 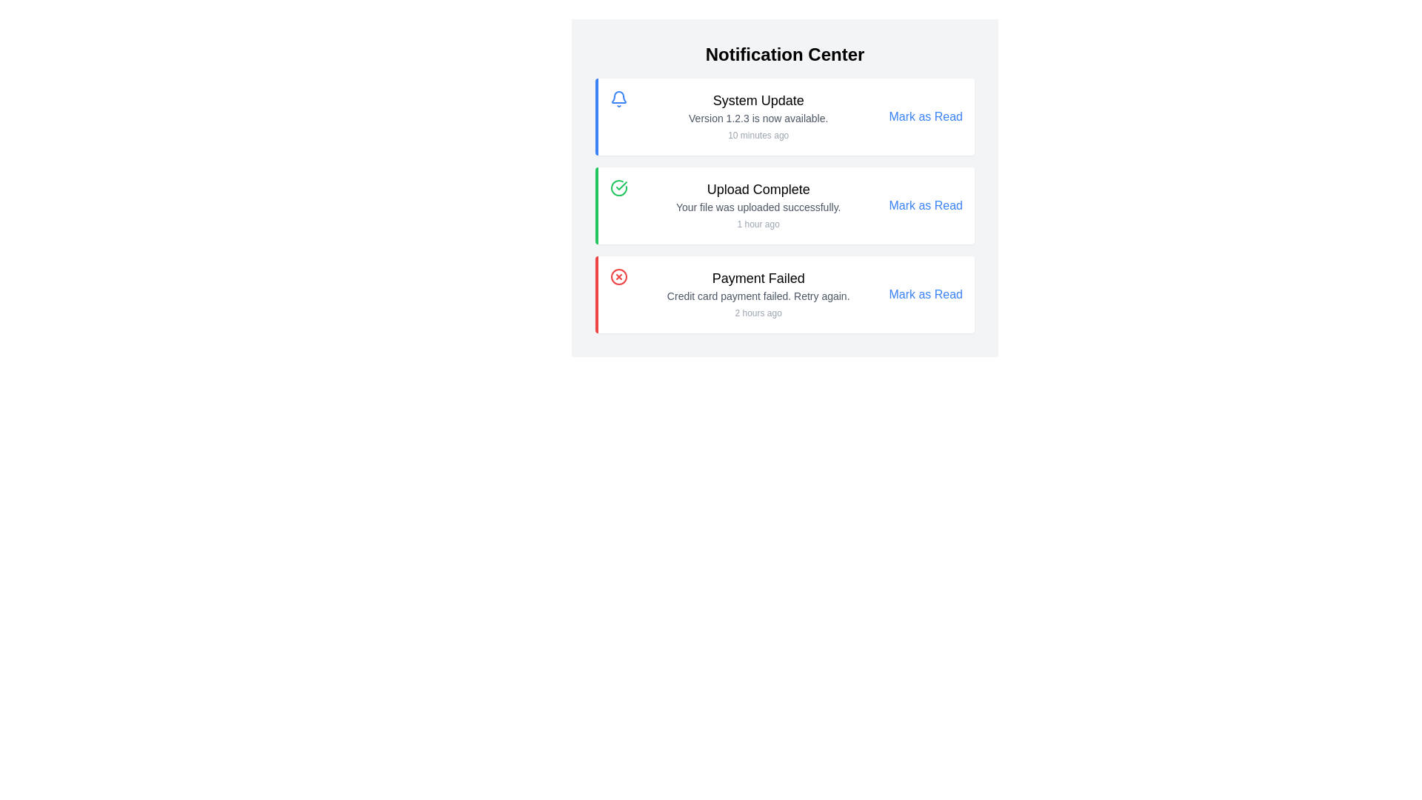 What do you see at coordinates (924, 205) in the screenshot?
I see `the clickable text link to mark the 'Upload Complete' notification as read, located at the extreme right of the notification item` at bounding box center [924, 205].